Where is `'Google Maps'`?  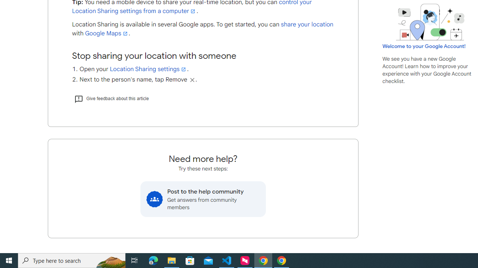
'Google Maps' is located at coordinates (106, 33).